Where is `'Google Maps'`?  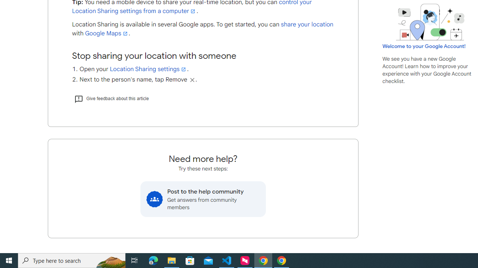
'Google Maps' is located at coordinates (106, 33).